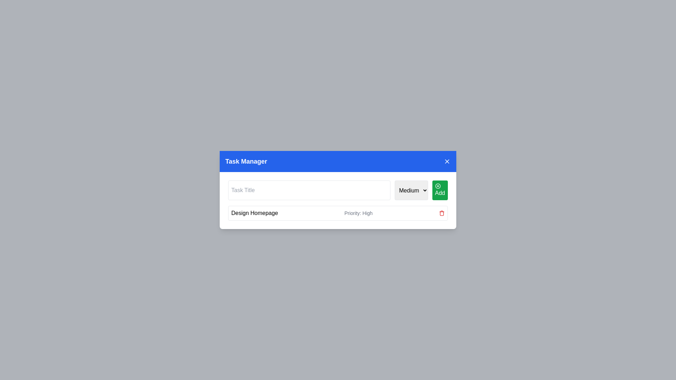 The image size is (676, 380). What do you see at coordinates (447, 161) in the screenshot?
I see `the cross icon button located at the top-right corner of the blue header bar, adjacent to the title text 'Task Manager'` at bounding box center [447, 161].